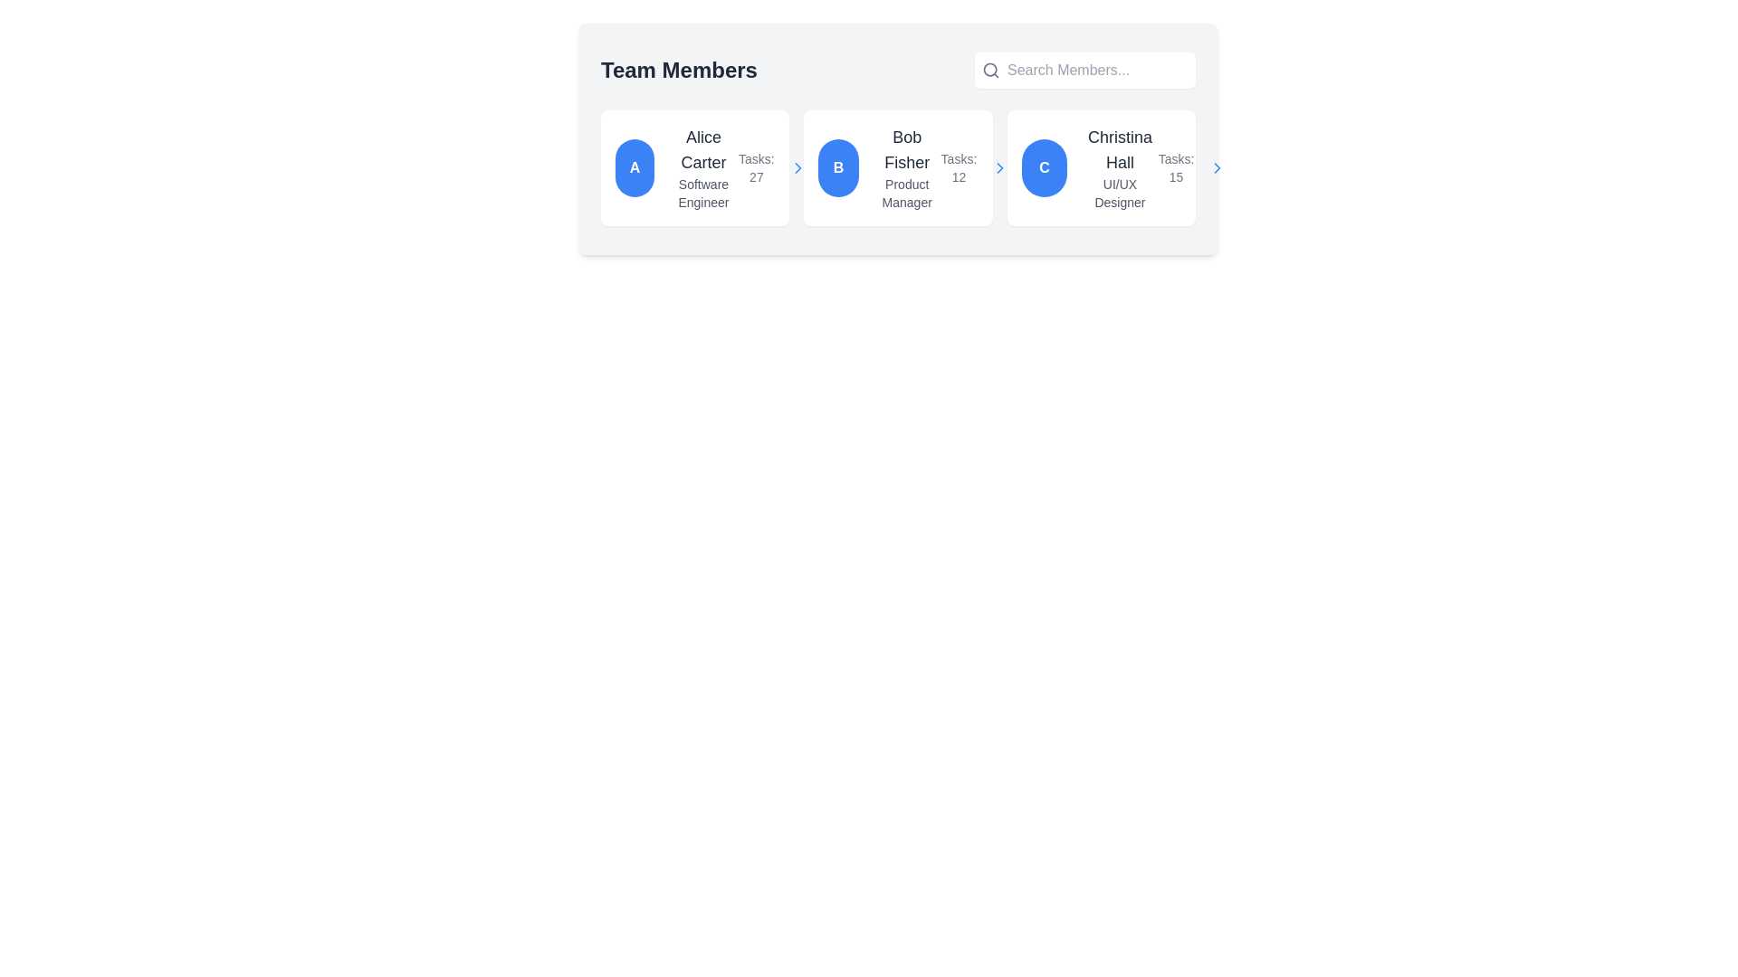 This screenshot has width=1738, height=977. What do you see at coordinates (702, 167) in the screenshot?
I see `displayed text in the text block containing the name 'Alice Carter' and the job title 'Software Engineer', which is positioned within the card for 'Alice Carter' and located to the right of the avatar 'A'` at bounding box center [702, 167].